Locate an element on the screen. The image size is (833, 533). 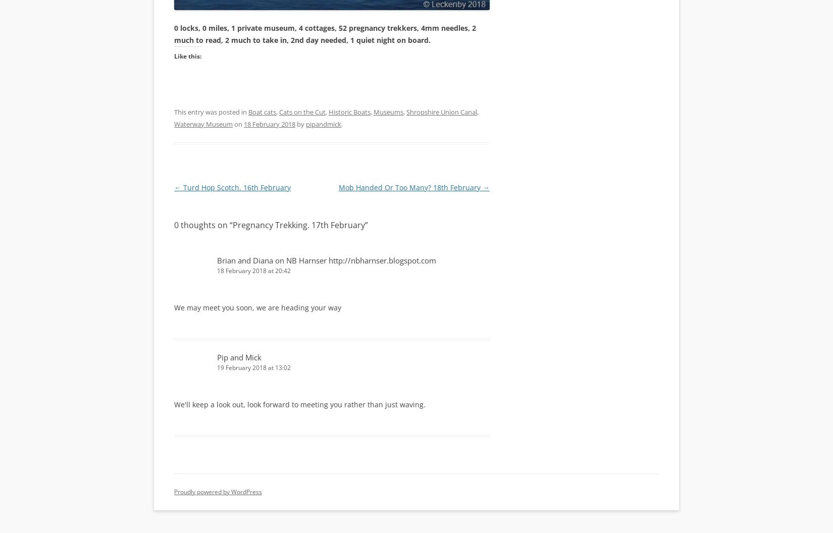
'Proudly powered by WordPress' is located at coordinates (217, 491).